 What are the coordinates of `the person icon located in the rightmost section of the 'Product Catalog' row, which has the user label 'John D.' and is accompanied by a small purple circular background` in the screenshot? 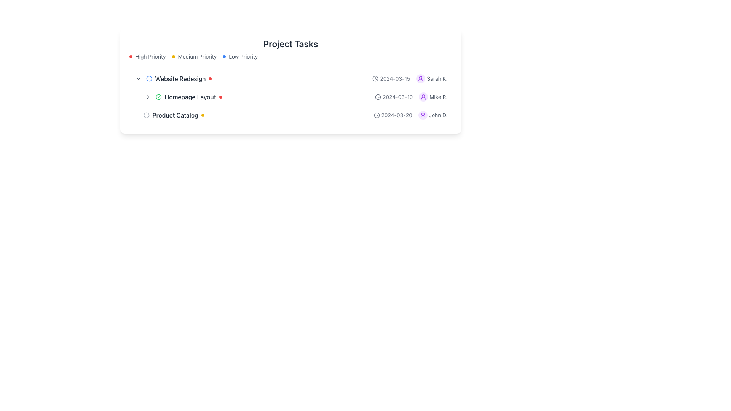 It's located at (410, 115).